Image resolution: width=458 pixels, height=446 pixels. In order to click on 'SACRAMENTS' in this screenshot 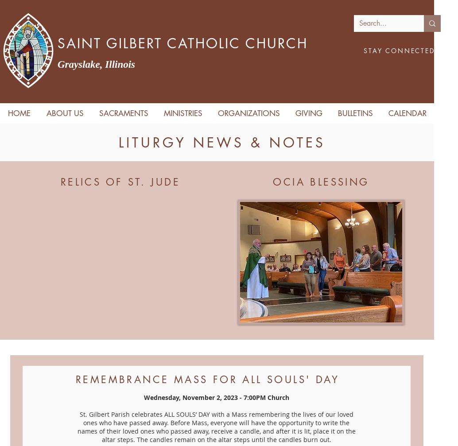, I will do `click(123, 113)`.